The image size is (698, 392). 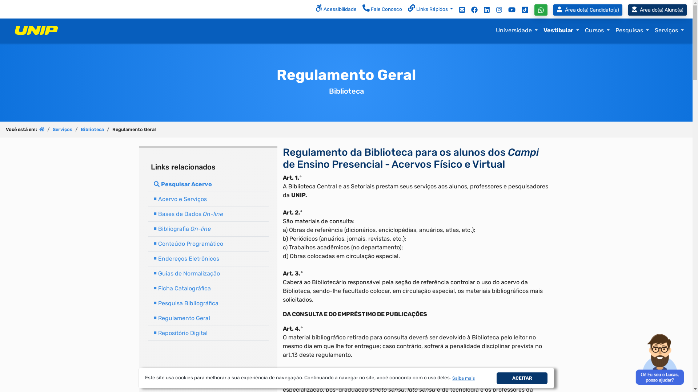 I want to click on 'Candidato(a)', so click(x=553, y=10).